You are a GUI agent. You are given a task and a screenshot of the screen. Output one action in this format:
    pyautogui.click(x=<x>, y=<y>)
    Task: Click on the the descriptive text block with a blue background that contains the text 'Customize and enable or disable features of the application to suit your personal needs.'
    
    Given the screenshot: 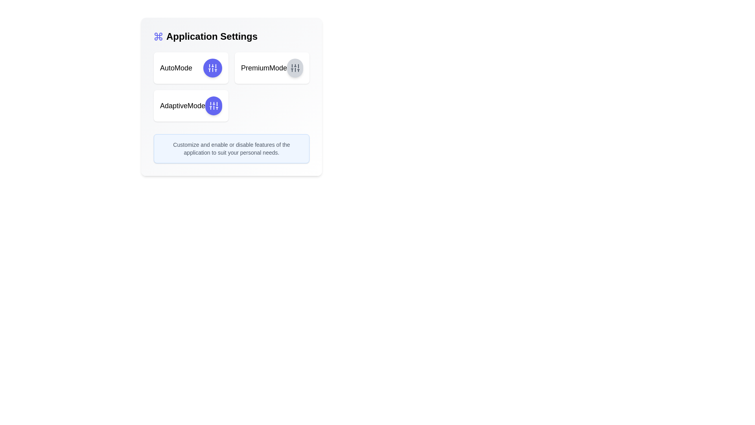 What is the action you would take?
    pyautogui.click(x=231, y=149)
    